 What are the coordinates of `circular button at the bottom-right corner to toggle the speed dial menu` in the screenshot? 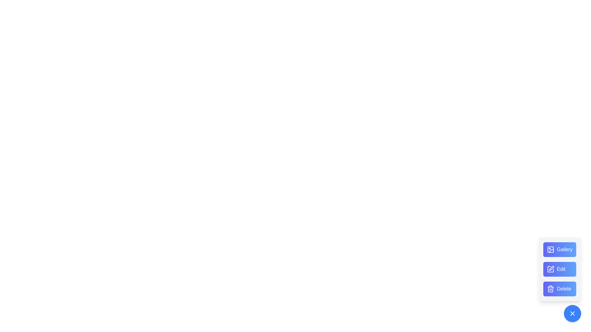 It's located at (572, 313).